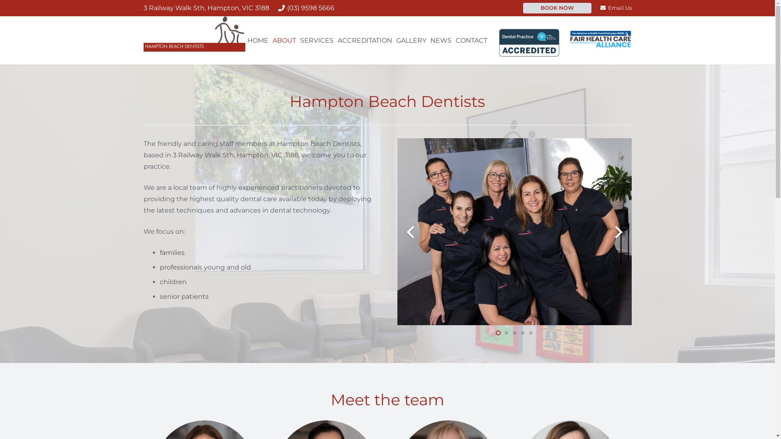 The width and height of the screenshot is (781, 439). I want to click on 'GALLERY', so click(411, 40).